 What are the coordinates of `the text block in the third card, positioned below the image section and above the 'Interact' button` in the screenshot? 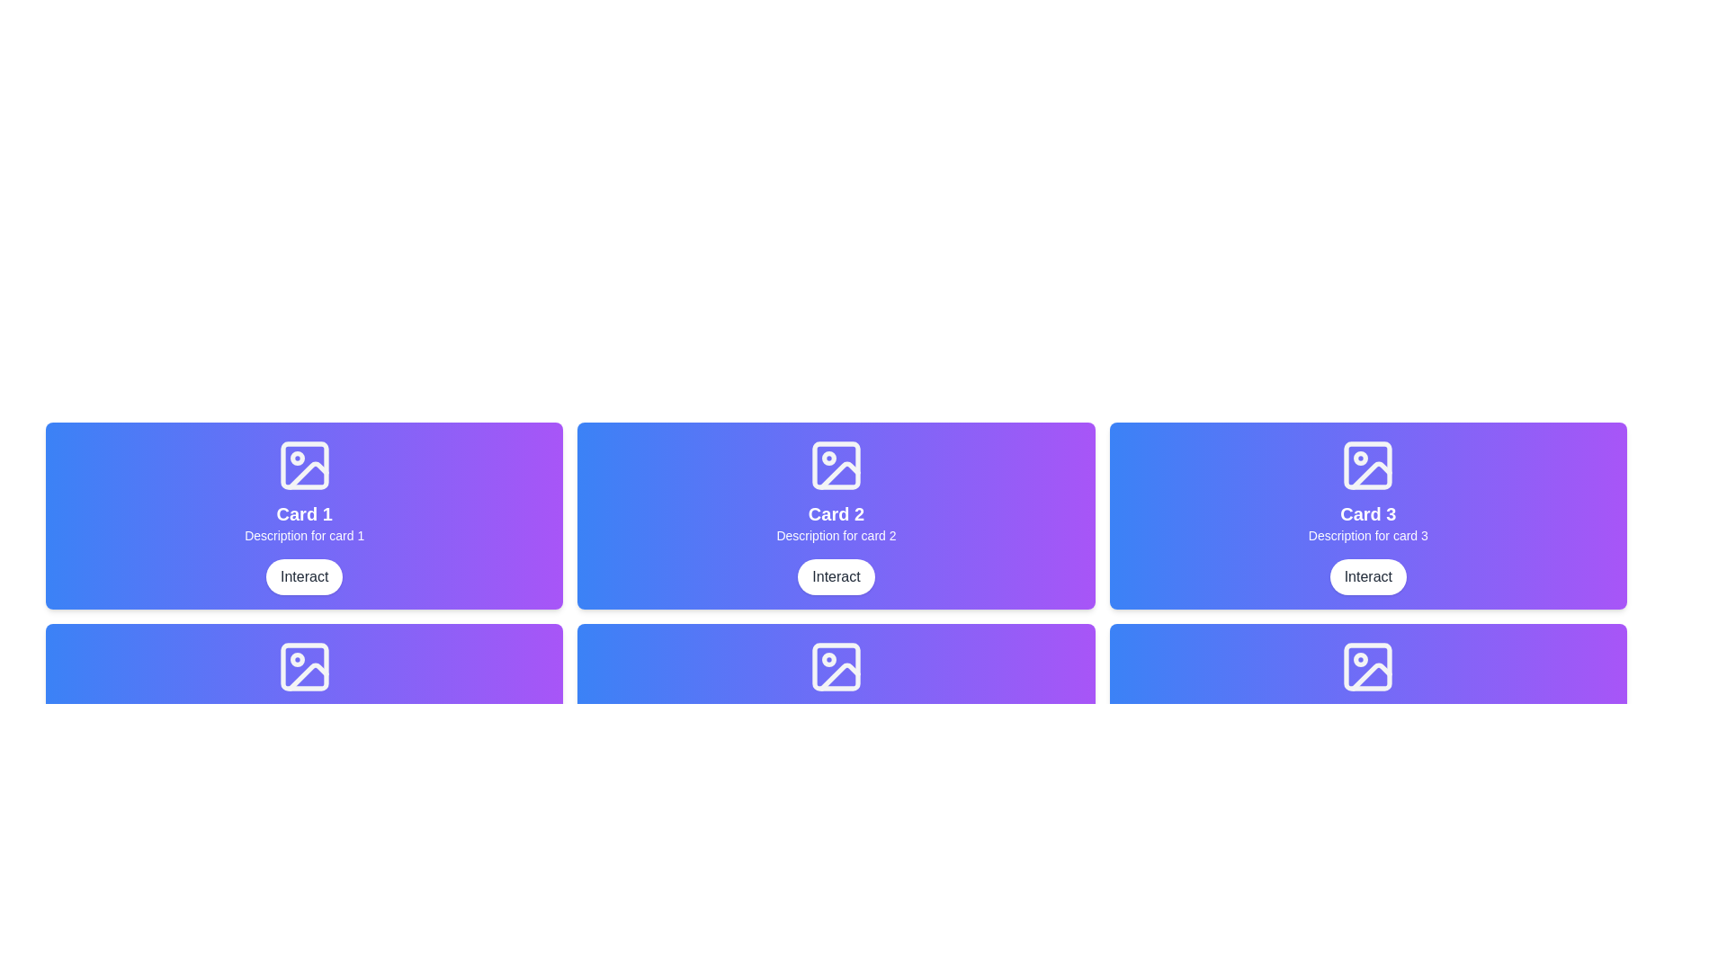 It's located at (1367, 523).